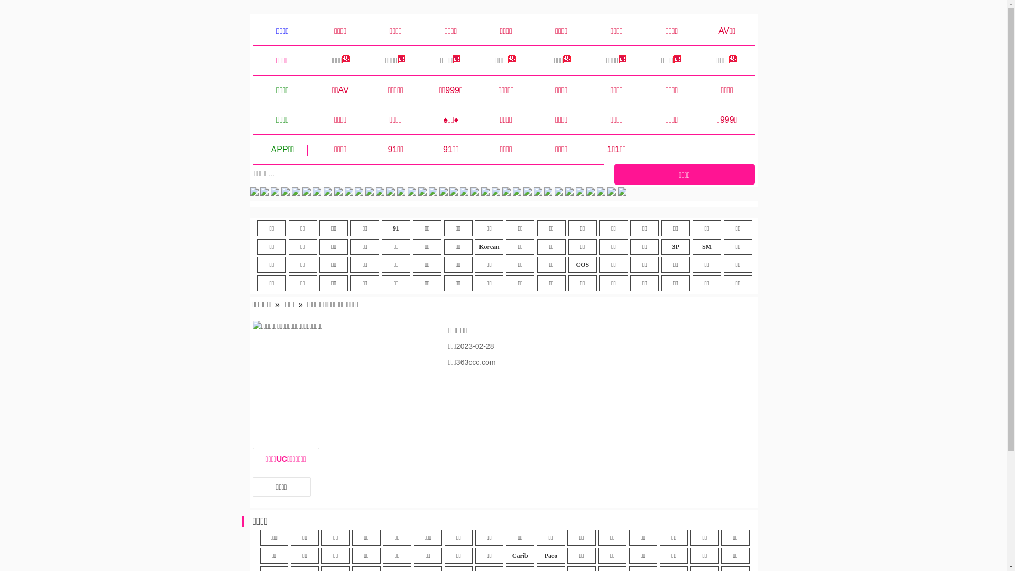 The image size is (1015, 571). What do you see at coordinates (505, 555) in the screenshot?
I see `'Carib'` at bounding box center [505, 555].